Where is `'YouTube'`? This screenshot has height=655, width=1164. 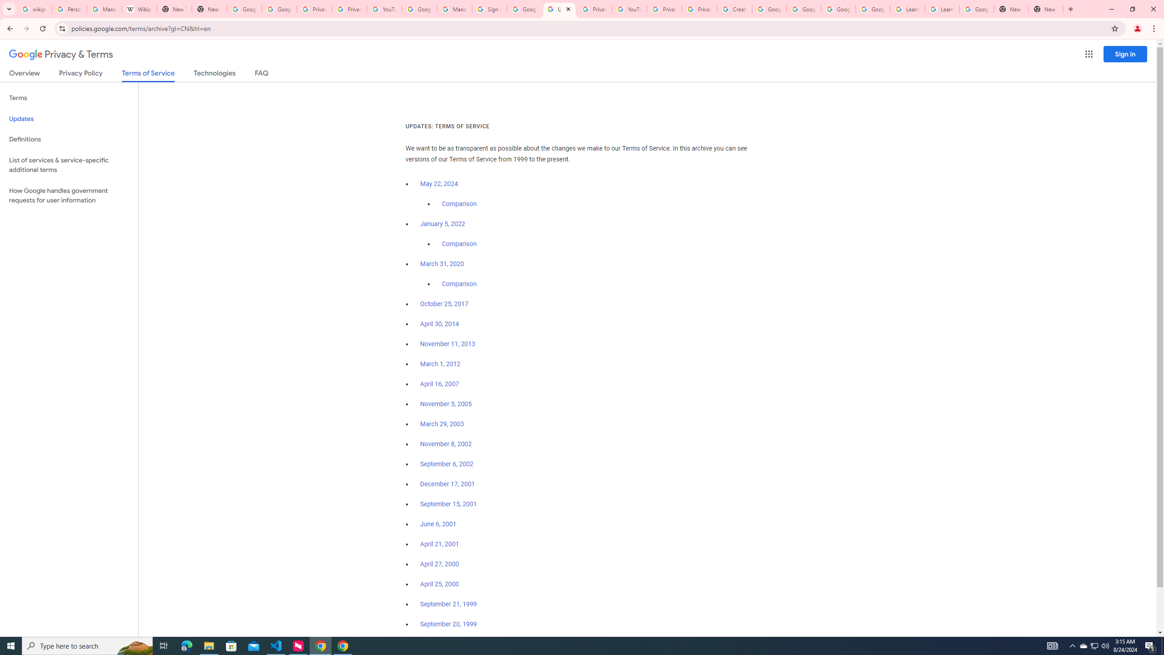
'YouTube' is located at coordinates (628, 9).